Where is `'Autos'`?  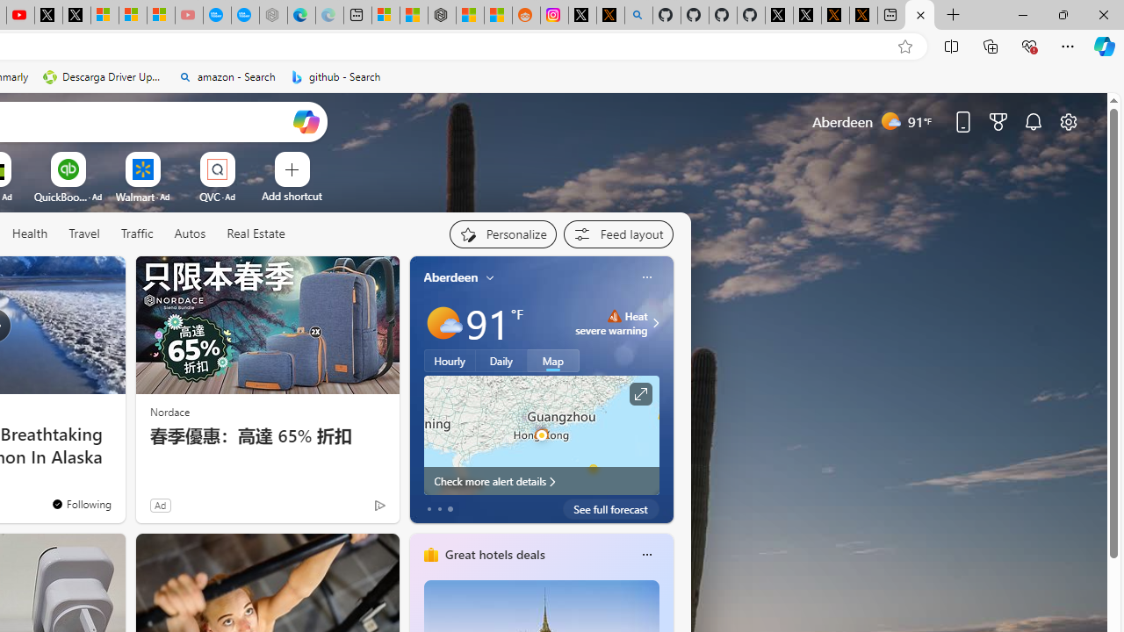 'Autos' is located at coordinates (190, 233).